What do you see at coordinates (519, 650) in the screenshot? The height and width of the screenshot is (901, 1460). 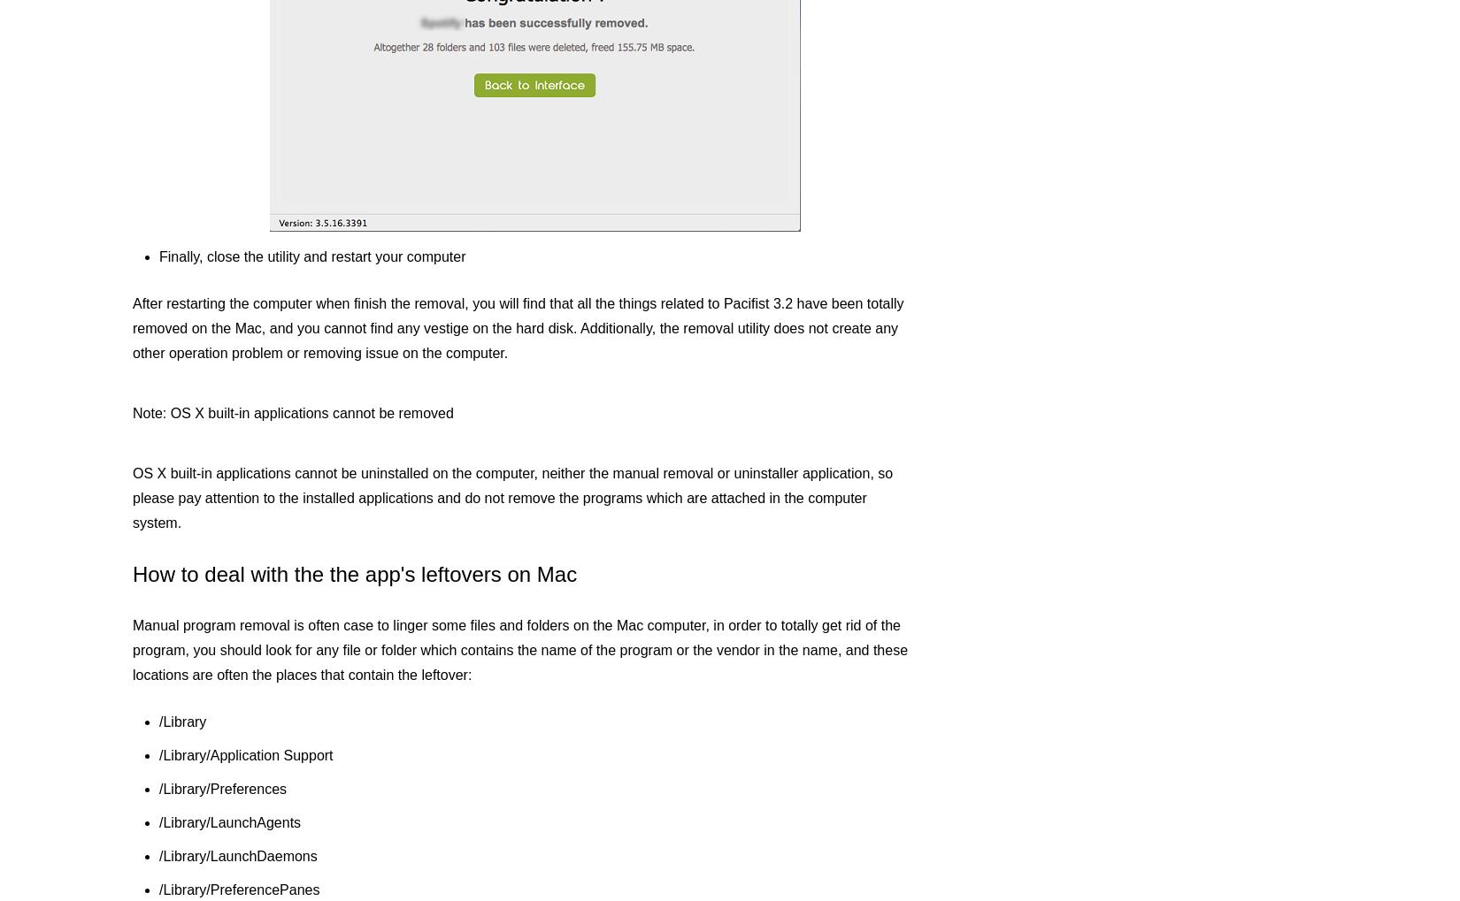 I see `'Manual program removal is often case to linger some files and folders on the Mac computer, in order to totally get rid of the program, you should look for any file or folder which contains the name of the program or the vendor in the name, and these locations are often the places that contain the leftover:'` at bounding box center [519, 650].